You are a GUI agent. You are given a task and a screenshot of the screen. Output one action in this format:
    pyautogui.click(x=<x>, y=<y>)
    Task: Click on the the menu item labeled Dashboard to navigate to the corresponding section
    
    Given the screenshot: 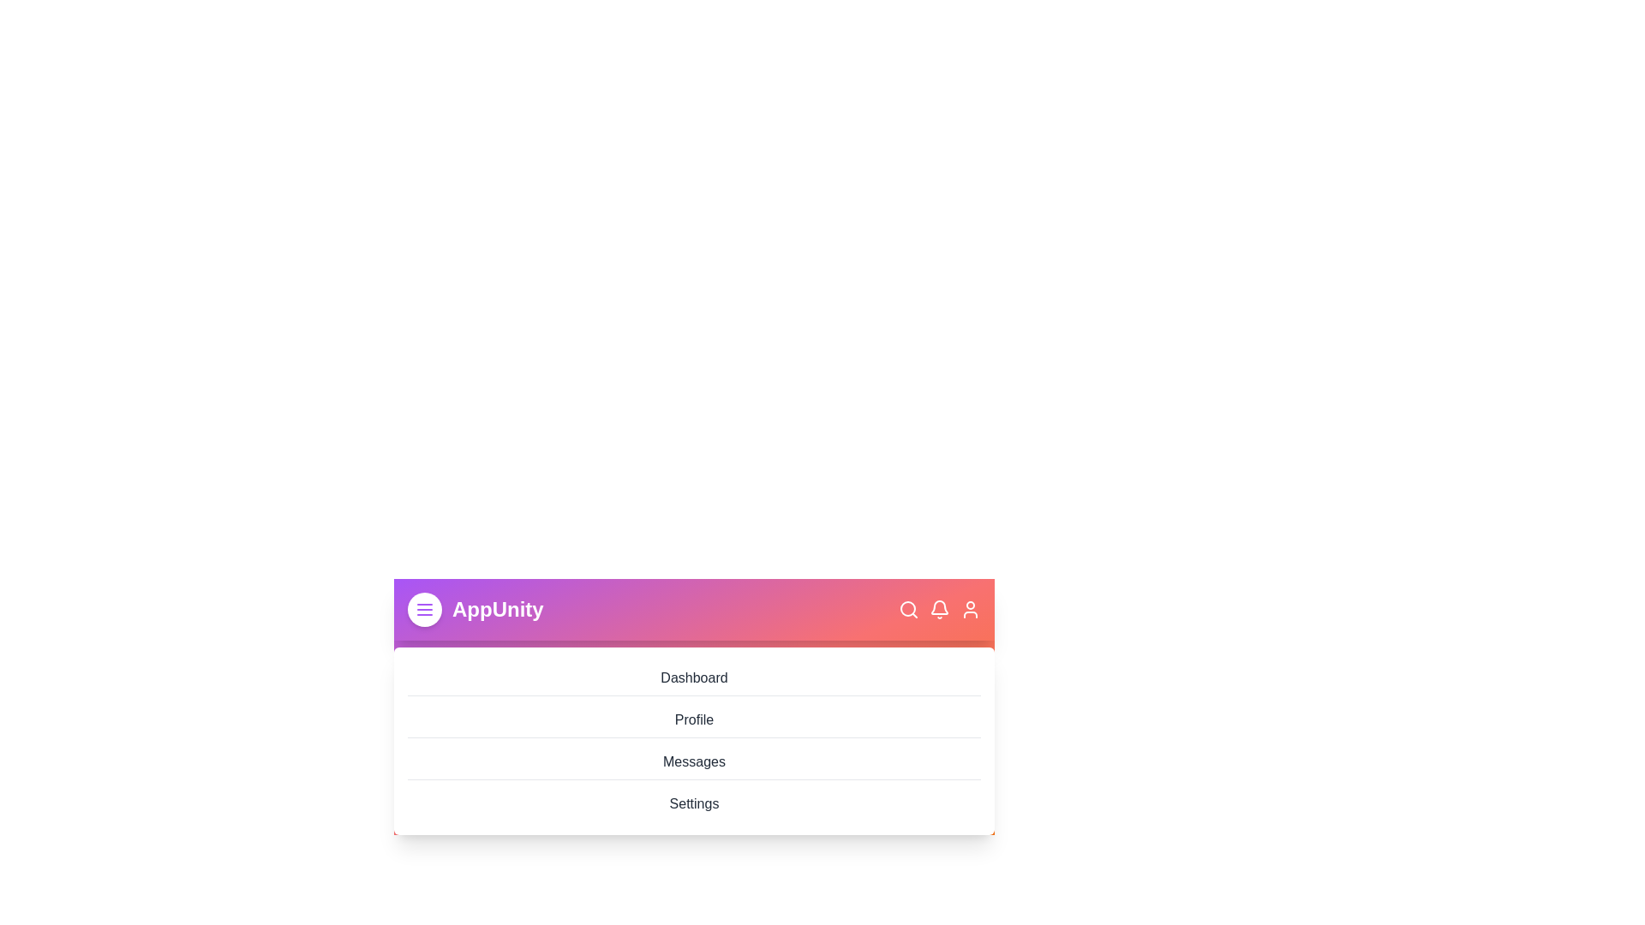 What is the action you would take?
    pyautogui.click(x=694, y=677)
    